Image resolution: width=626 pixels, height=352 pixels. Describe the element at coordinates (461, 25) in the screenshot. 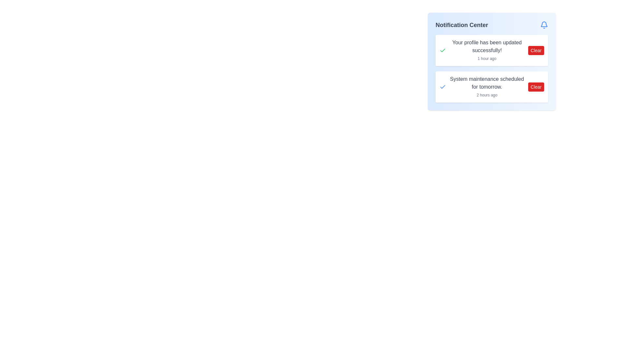

I see `the 'Notification Center' text label, which serves as the section title and is positioned to the left of a notification bell icon` at that location.